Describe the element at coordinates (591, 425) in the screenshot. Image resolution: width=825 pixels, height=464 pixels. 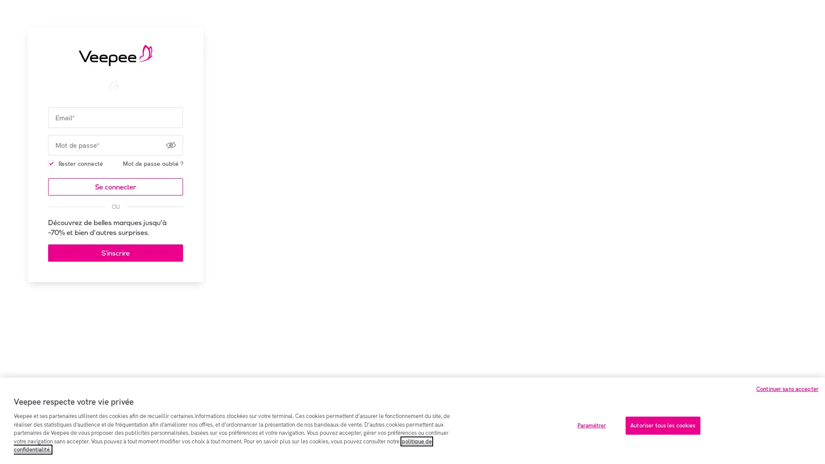
I see `Parametrer` at that location.